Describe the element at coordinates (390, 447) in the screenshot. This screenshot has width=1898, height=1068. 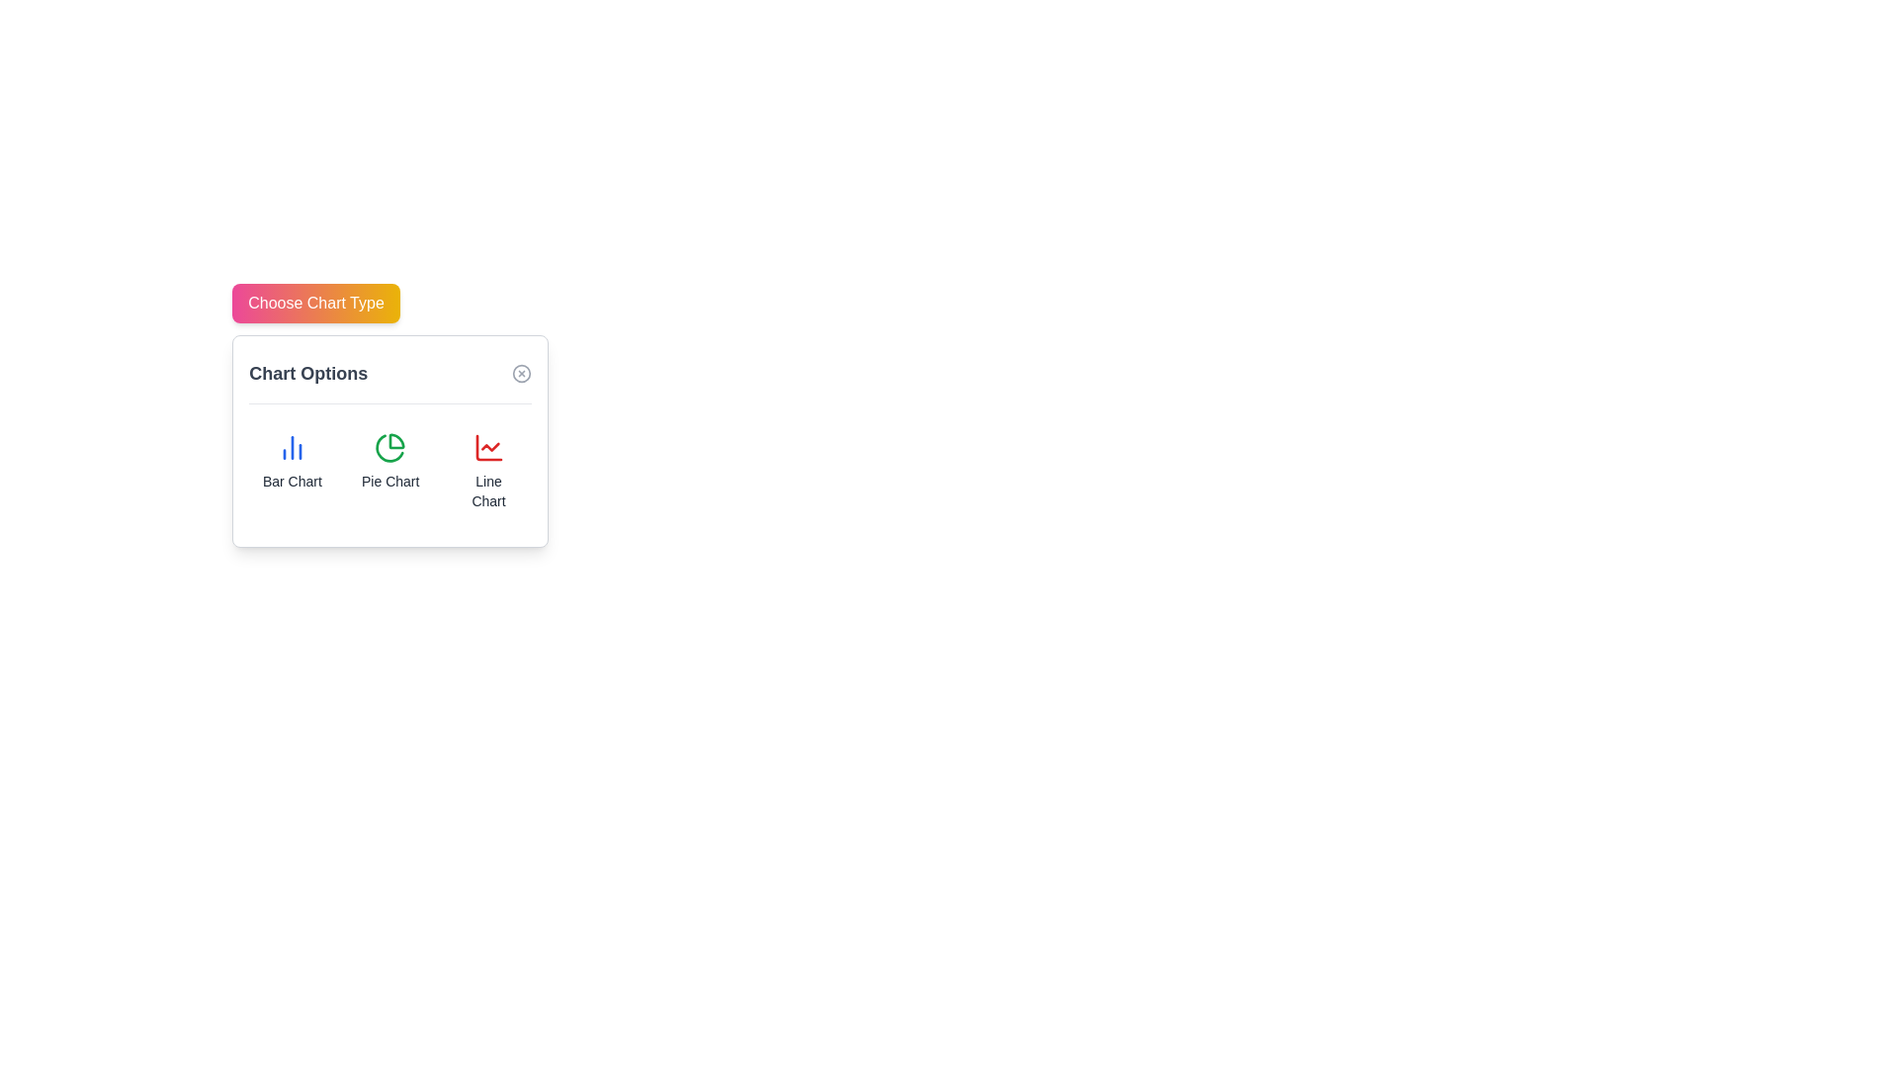
I see `the second icon in the Chart Options section, which represents the pie chart visualization option` at that location.